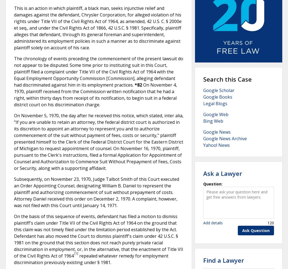 This screenshot has width=288, height=269. Describe the element at coordinates (219, 90) in the screenshot. I see `'Google Scholar'` at that location.